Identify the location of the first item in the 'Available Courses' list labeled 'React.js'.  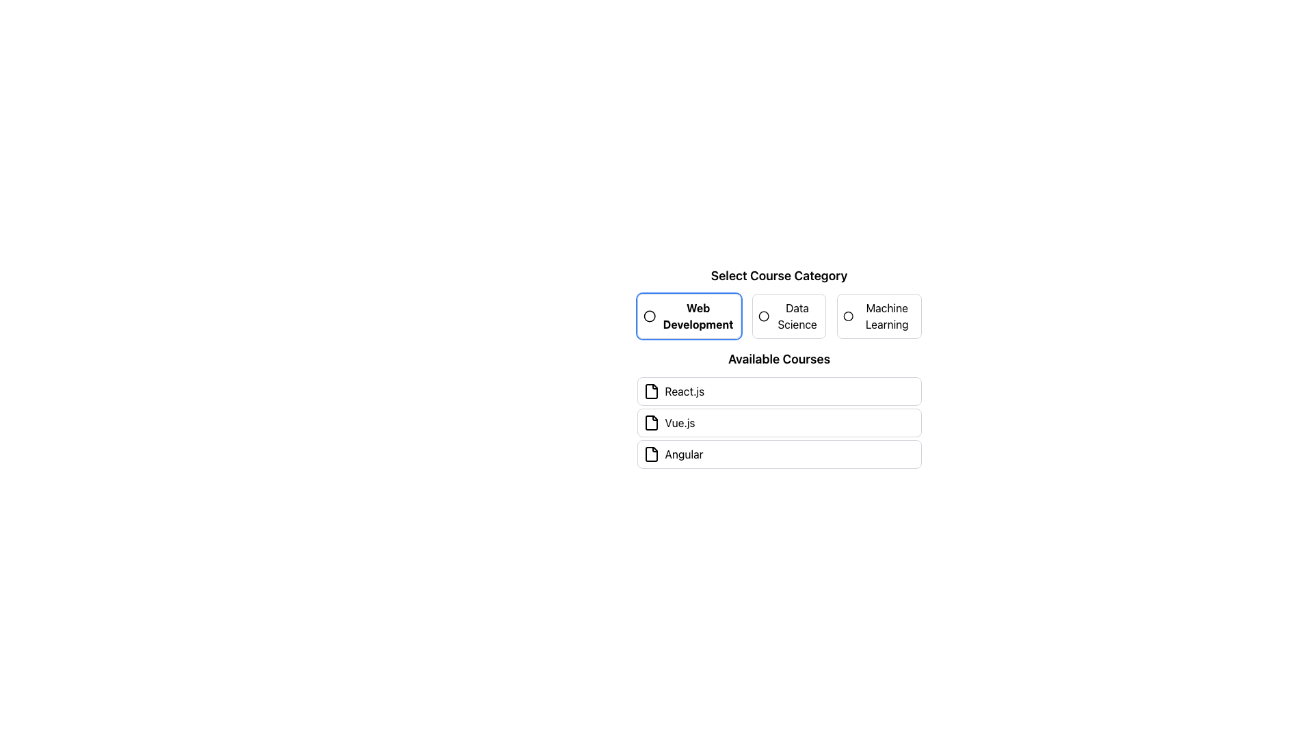
(779, 392).